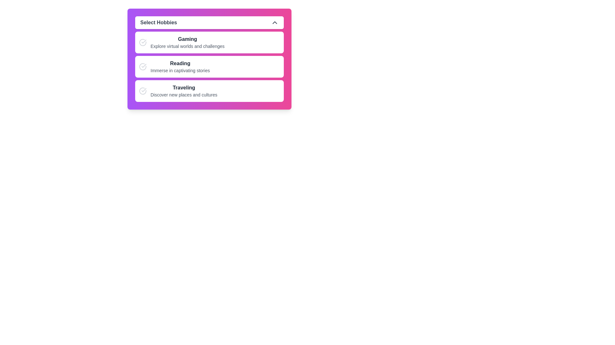 The height and width of the screenshot is (345, 615). Describe the element at coordinates (143, 91) in the screenshot. I see `the Progress or selection icon located on the leftmost side of the 'Traveling' section, which is the third list entry underneath the 'Select Hobbies' title` at that location.